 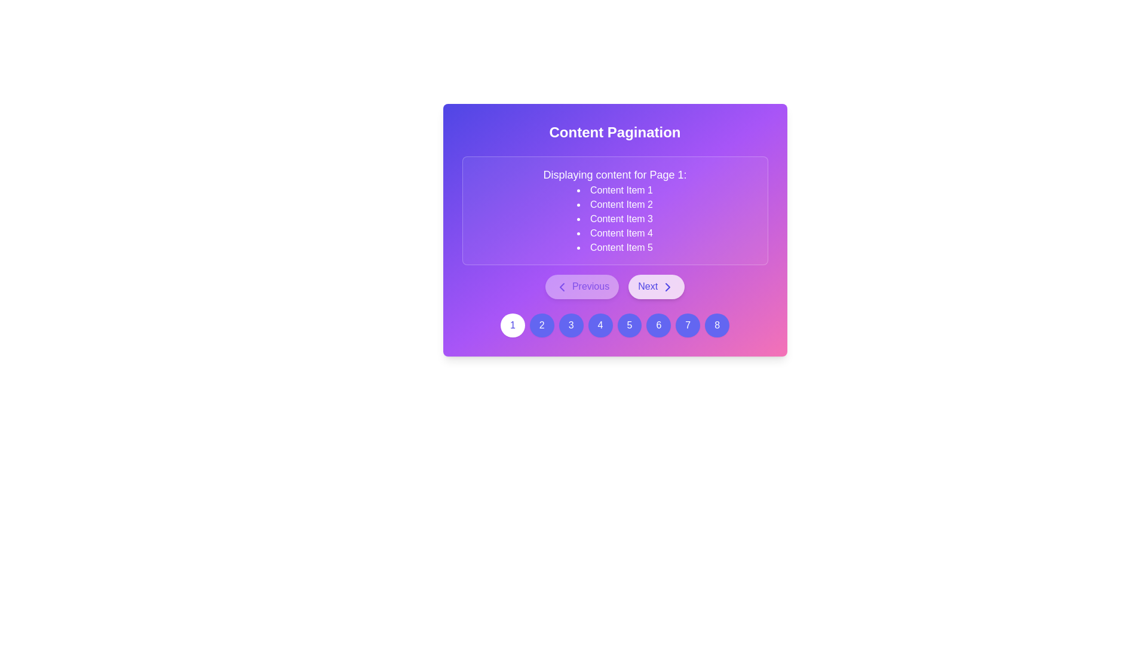 What do you see at coordinates (615, 233) in the screenshot?
I see `the text list item labeled 'Content Item 4' which is the fourth item in a vertically ordered list within a purple-gradient background` at bounding box center [615, 233].